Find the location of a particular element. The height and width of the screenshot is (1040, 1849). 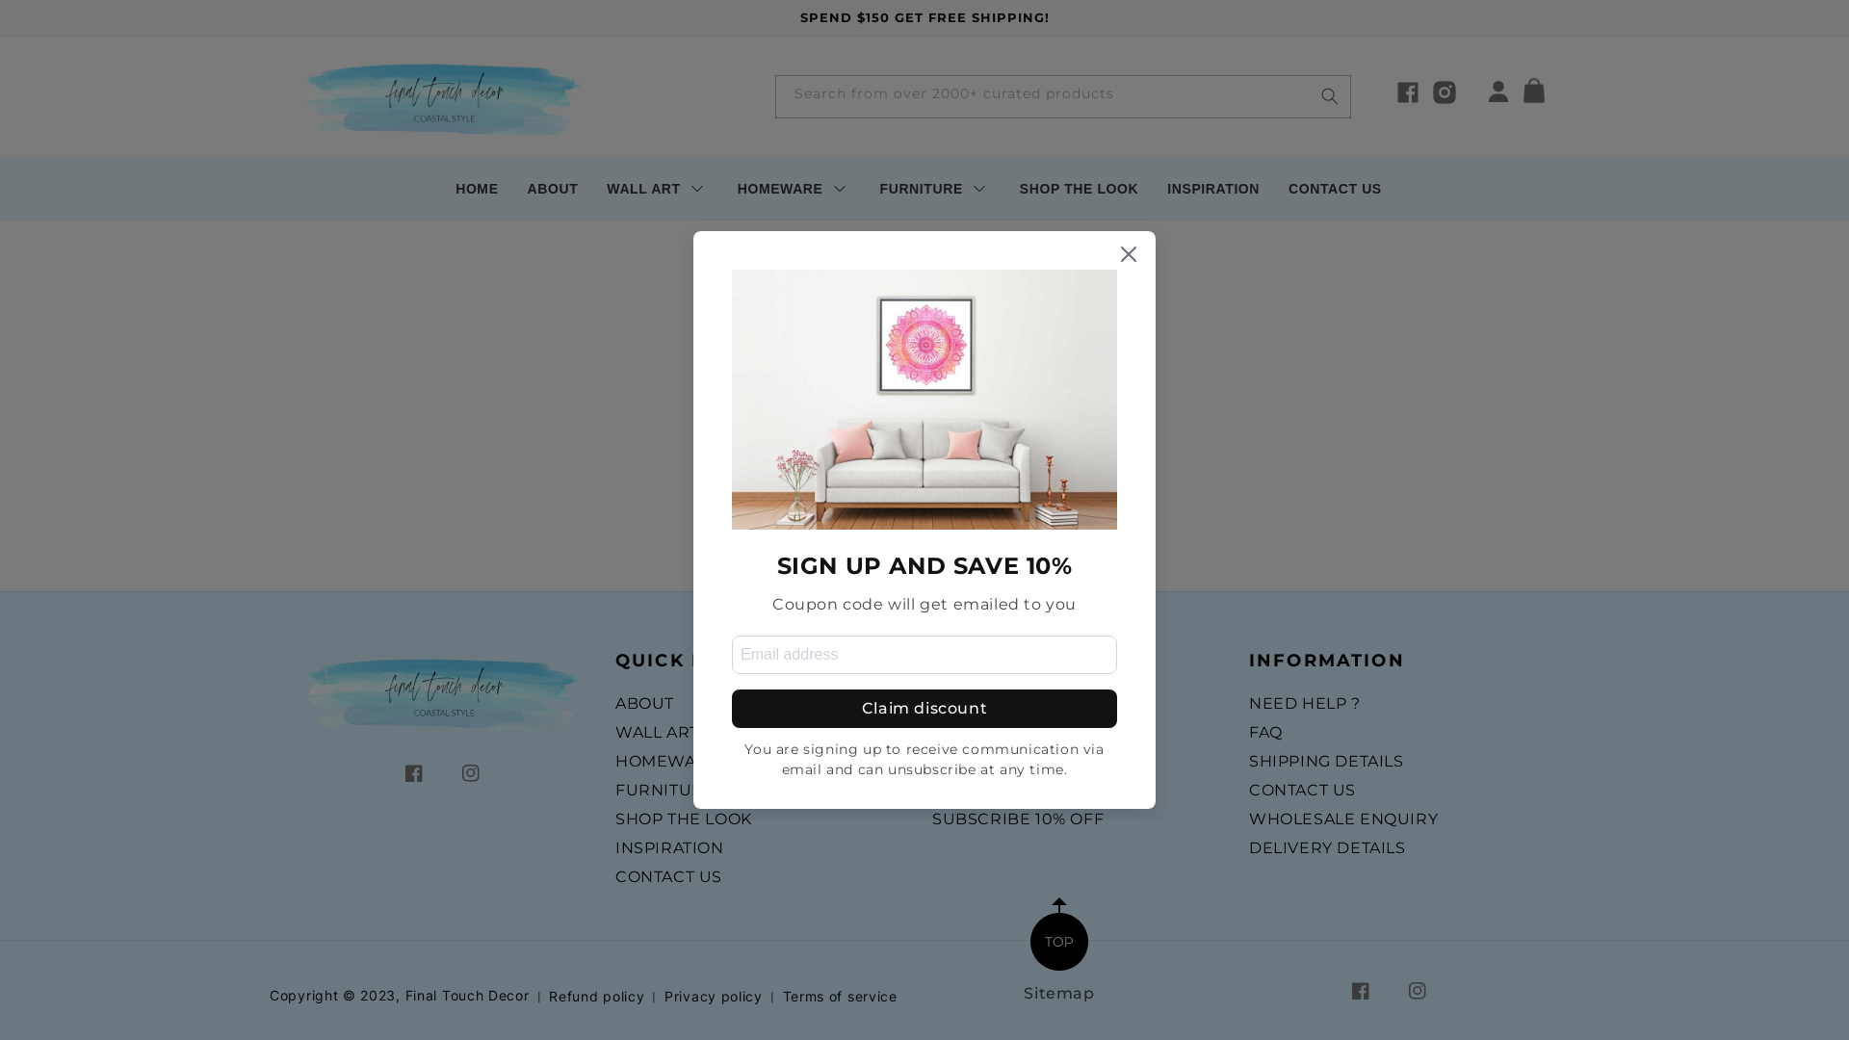

'HOMEWARE' is located at coordinates (794, 188).